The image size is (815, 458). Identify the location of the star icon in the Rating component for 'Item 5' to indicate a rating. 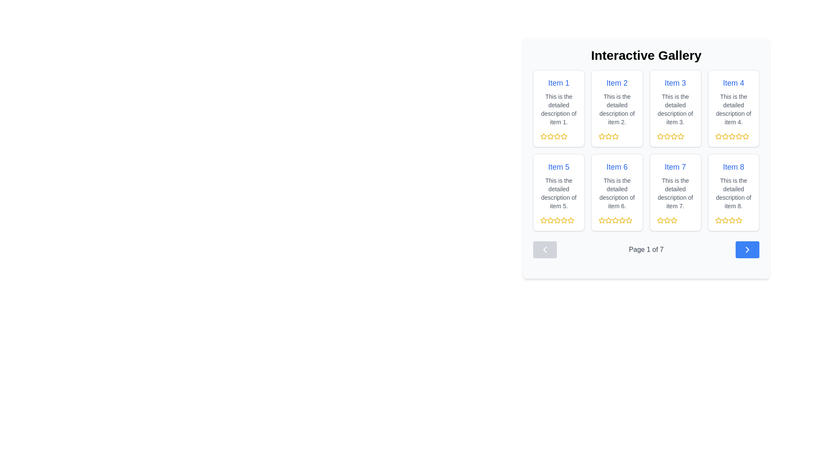
(559, 220).